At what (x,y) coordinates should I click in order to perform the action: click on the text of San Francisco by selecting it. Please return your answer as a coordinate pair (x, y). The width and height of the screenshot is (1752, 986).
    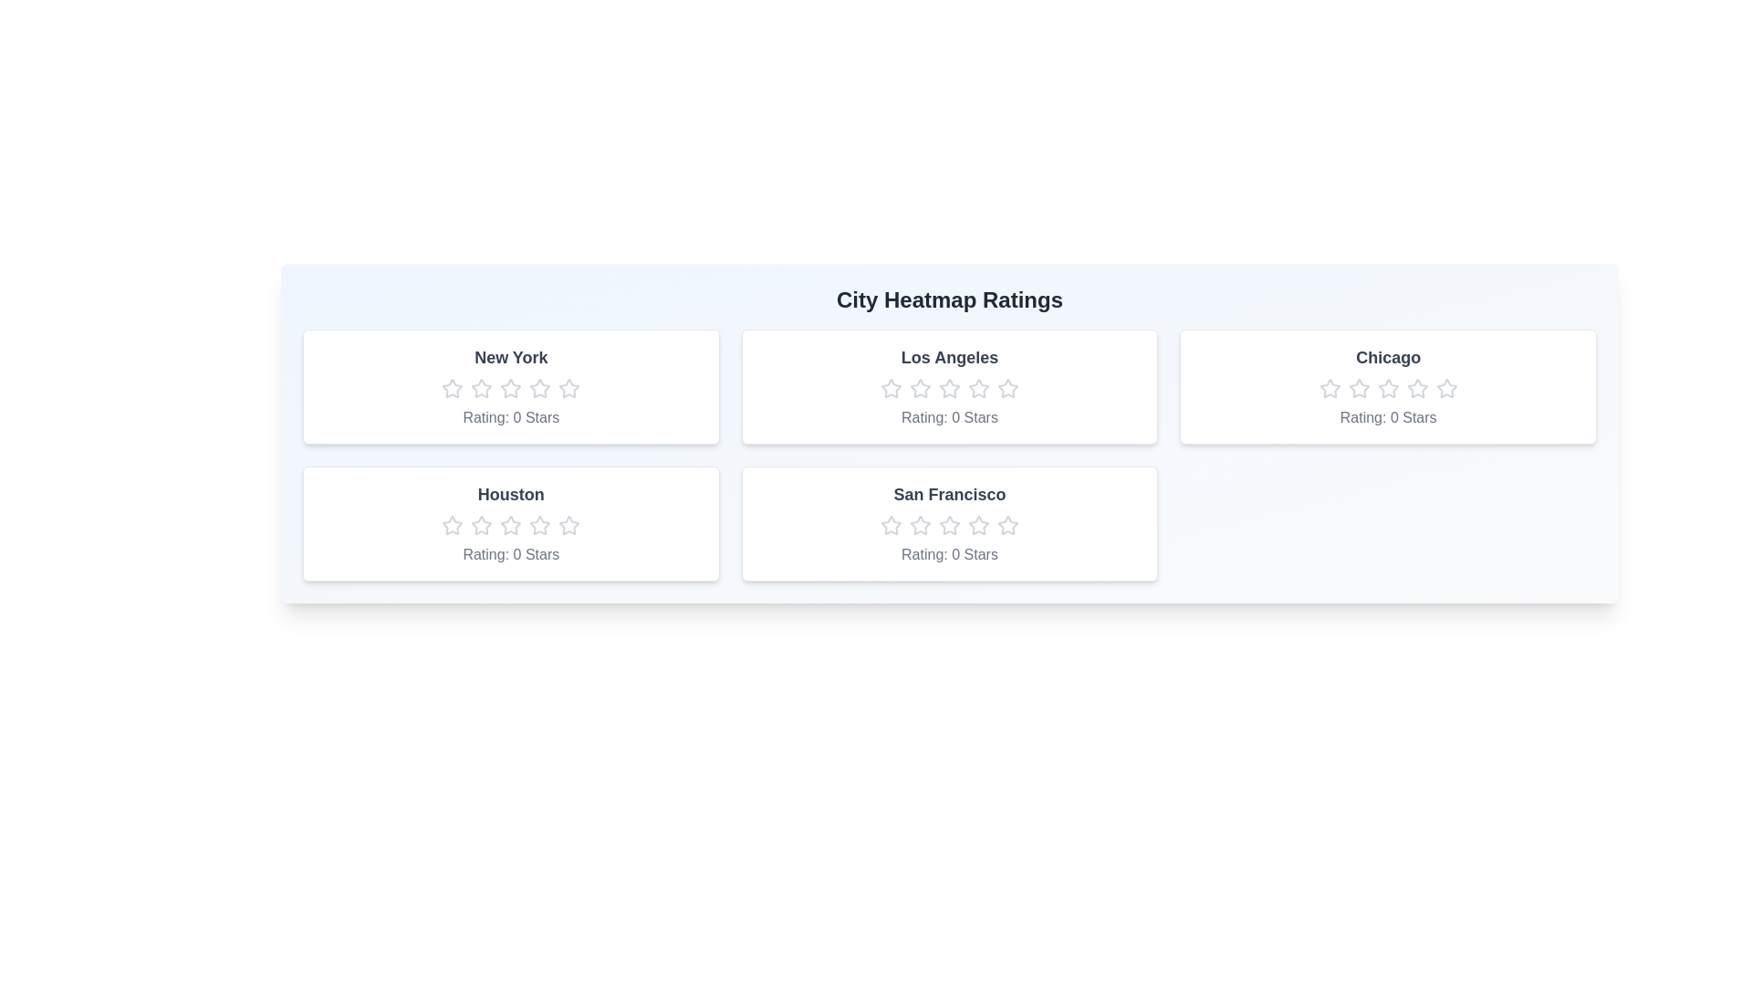
    Looking at the image, I should click on (756, 481).